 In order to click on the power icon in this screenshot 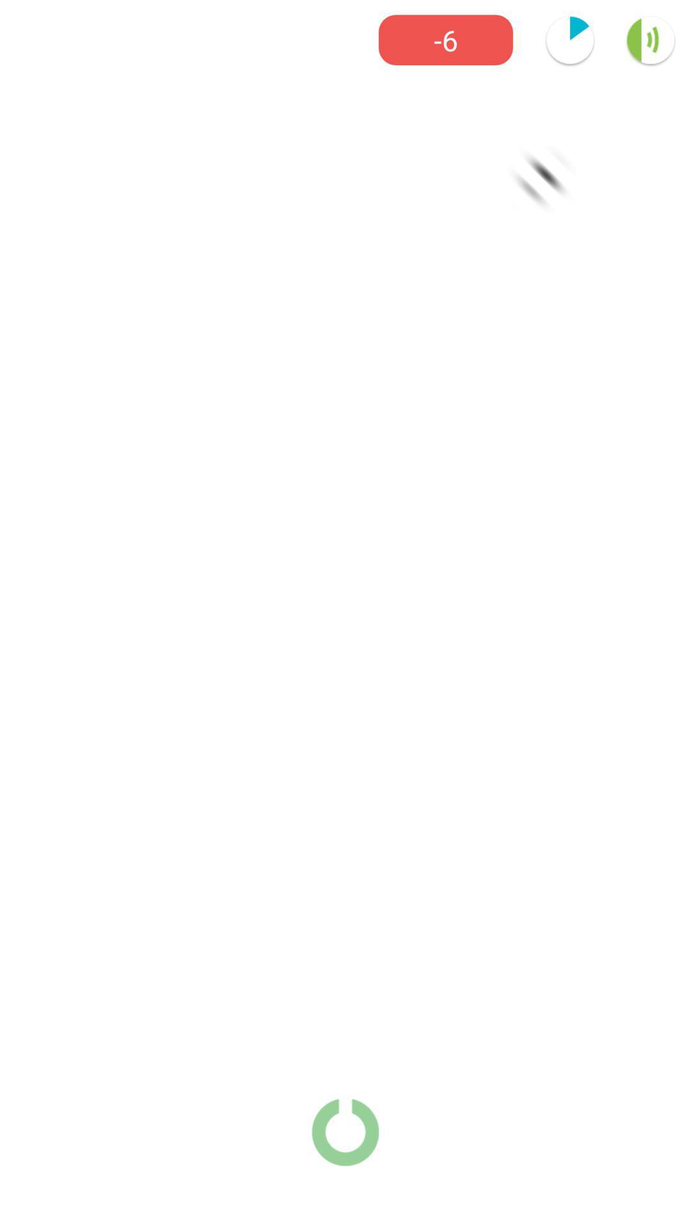, I will do `click(345, 1132)`.